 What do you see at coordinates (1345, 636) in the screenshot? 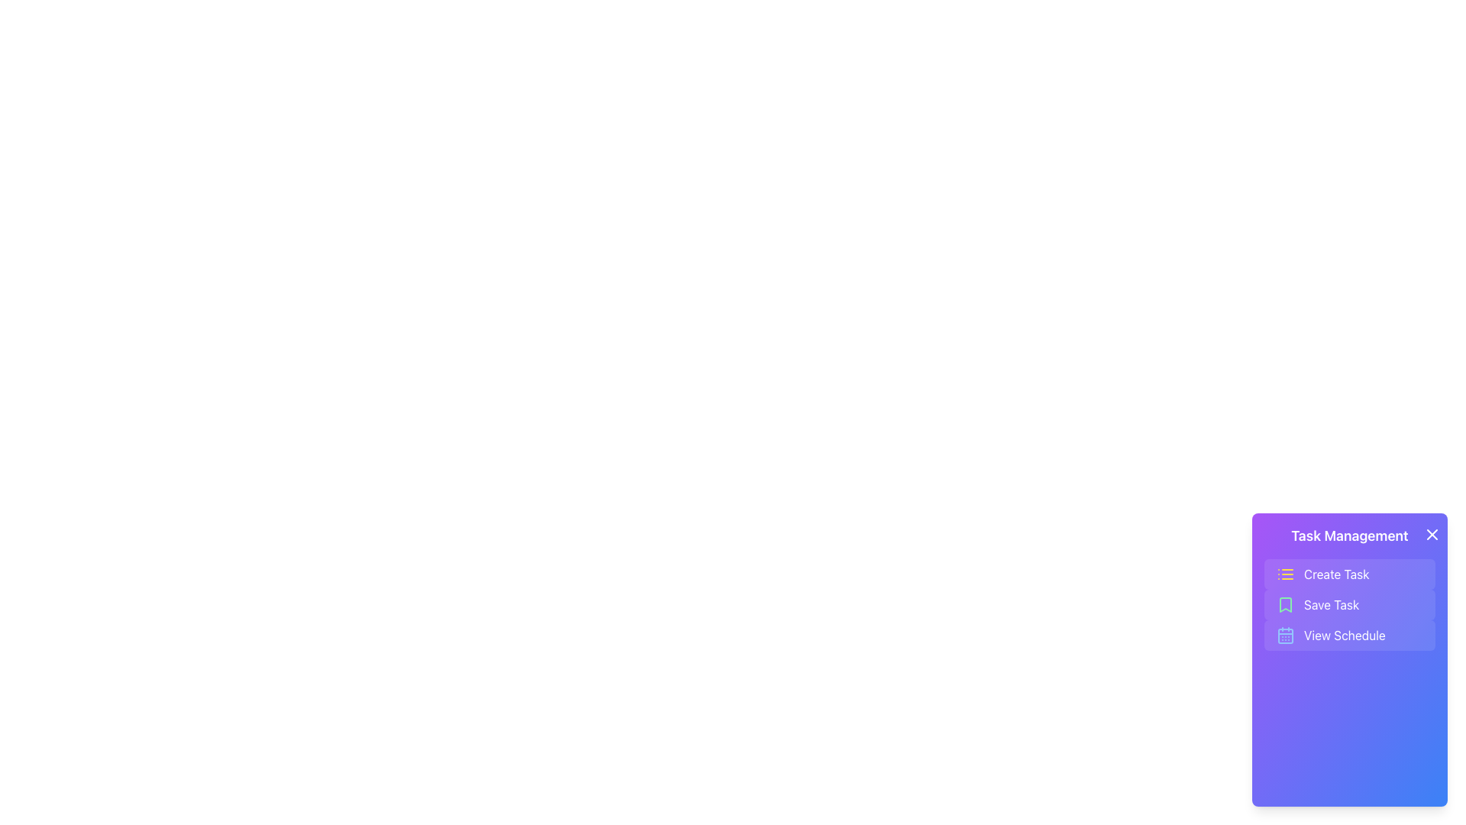
I see `the third text label in the 'Task Management' menu` at bounding box center [1345, 636].